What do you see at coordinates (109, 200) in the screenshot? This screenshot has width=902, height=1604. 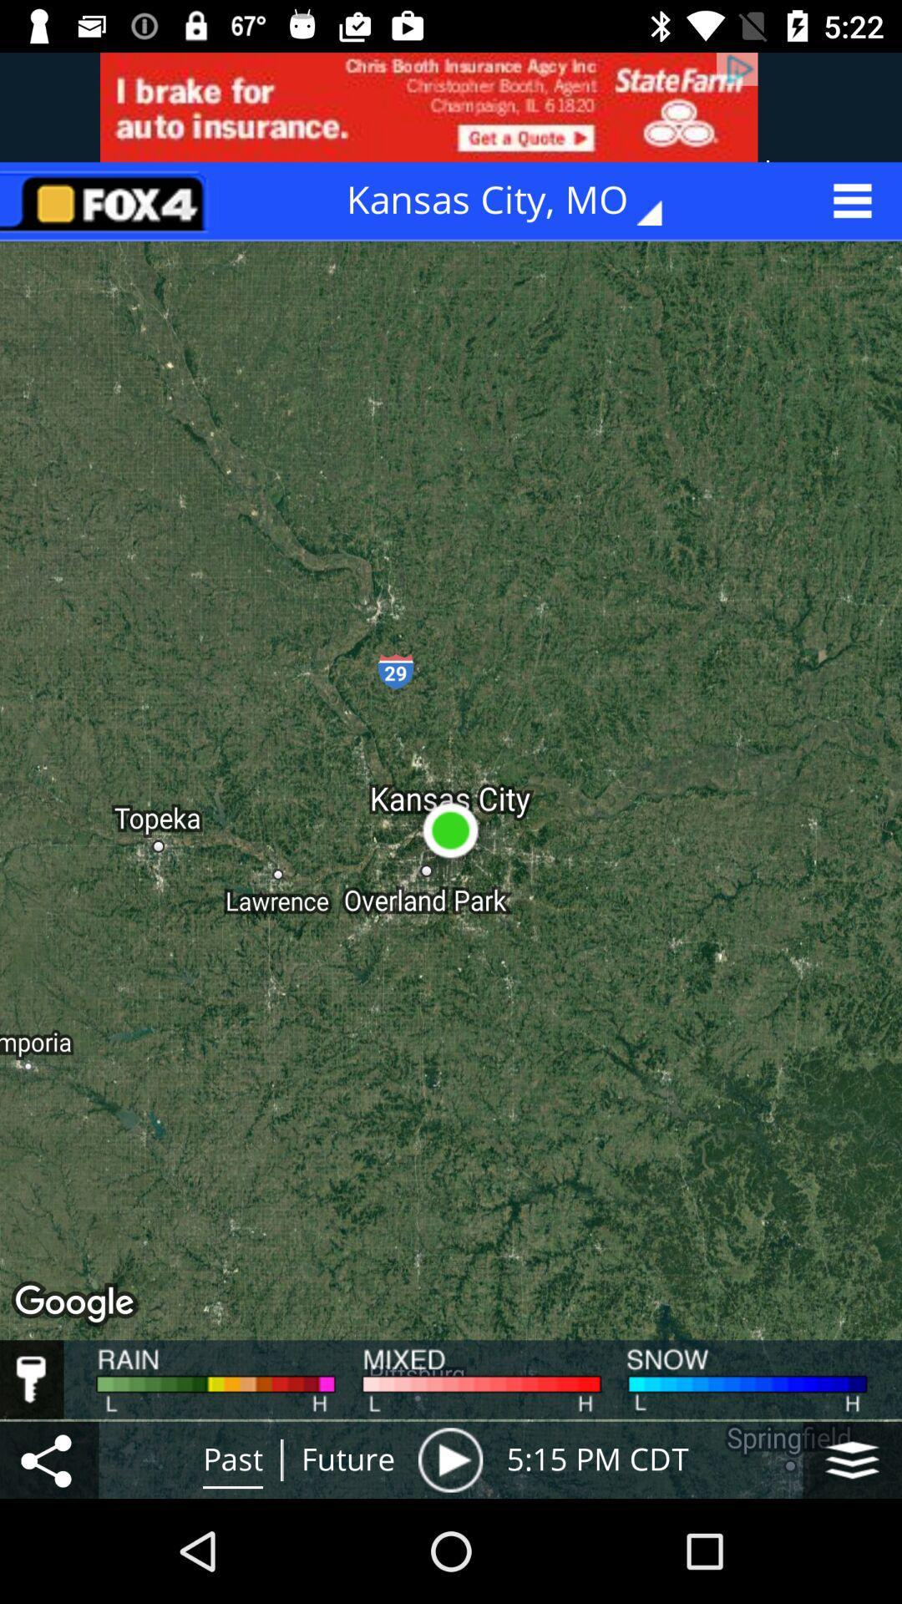 I see `homepage` at bounding box center [109, 200].